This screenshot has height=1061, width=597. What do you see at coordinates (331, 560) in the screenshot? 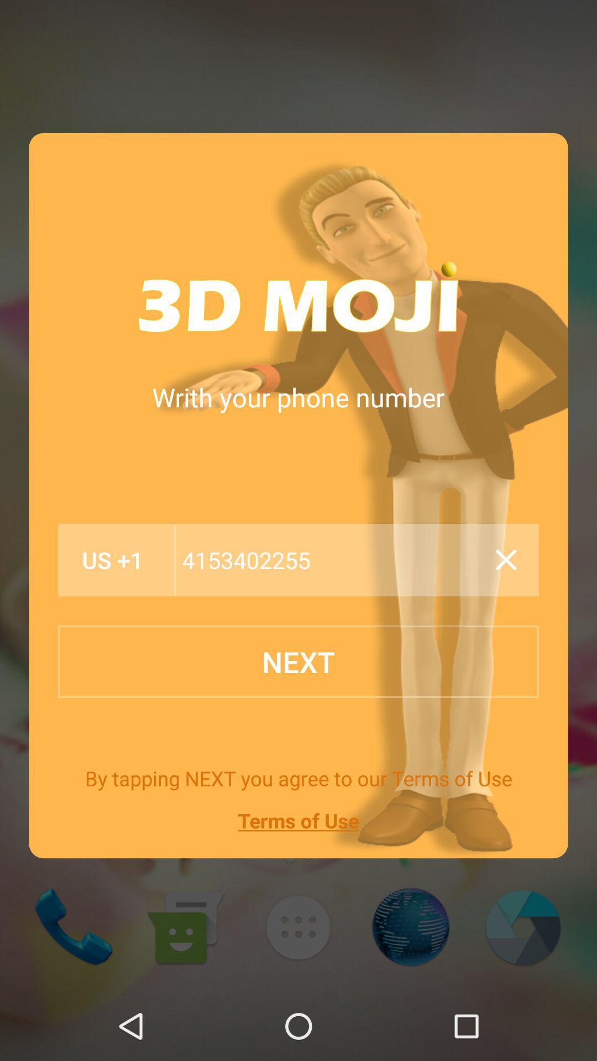
I see `4153402255 item` at bounding box center [331, 560].